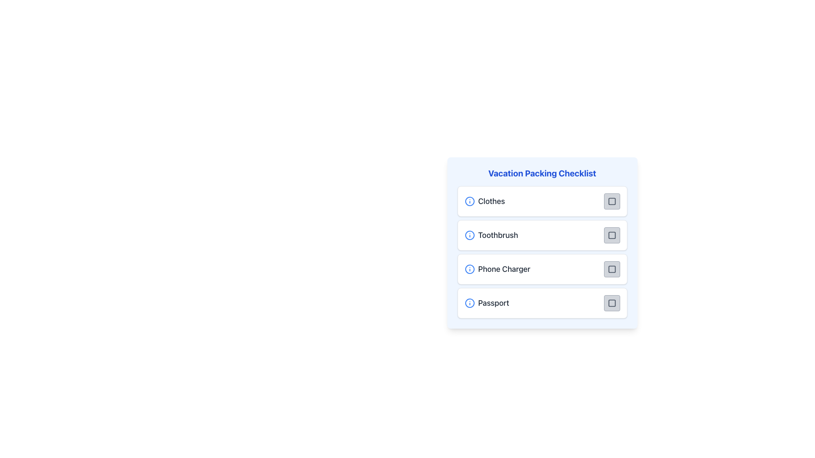  What do you see at coordinates (612, 235) in the screenshot?
I see `the minimalistic square checkbox located to the right of the 'Toothbrush' label in the 'Vacation Packing Checklist' to mark the item` at bounding box center [612, 235].